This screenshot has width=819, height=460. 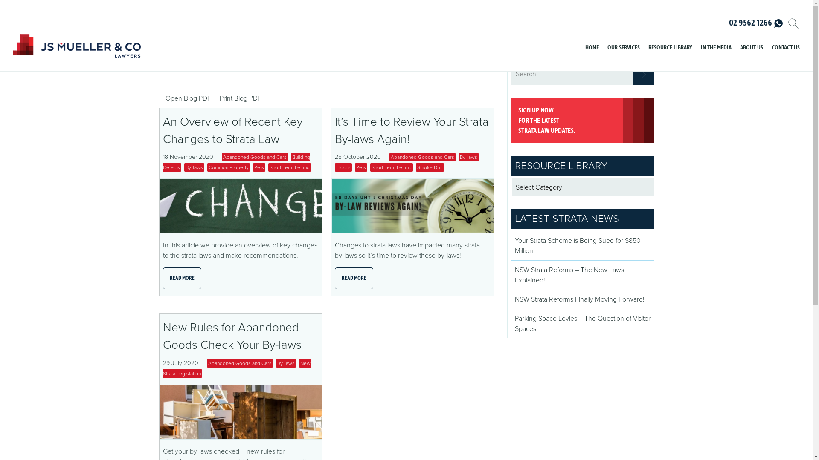 What do you see at coordinates (607, 49) in the screenshot?
I see `'OUR SERVICES'` at bounding box center [607, 49].